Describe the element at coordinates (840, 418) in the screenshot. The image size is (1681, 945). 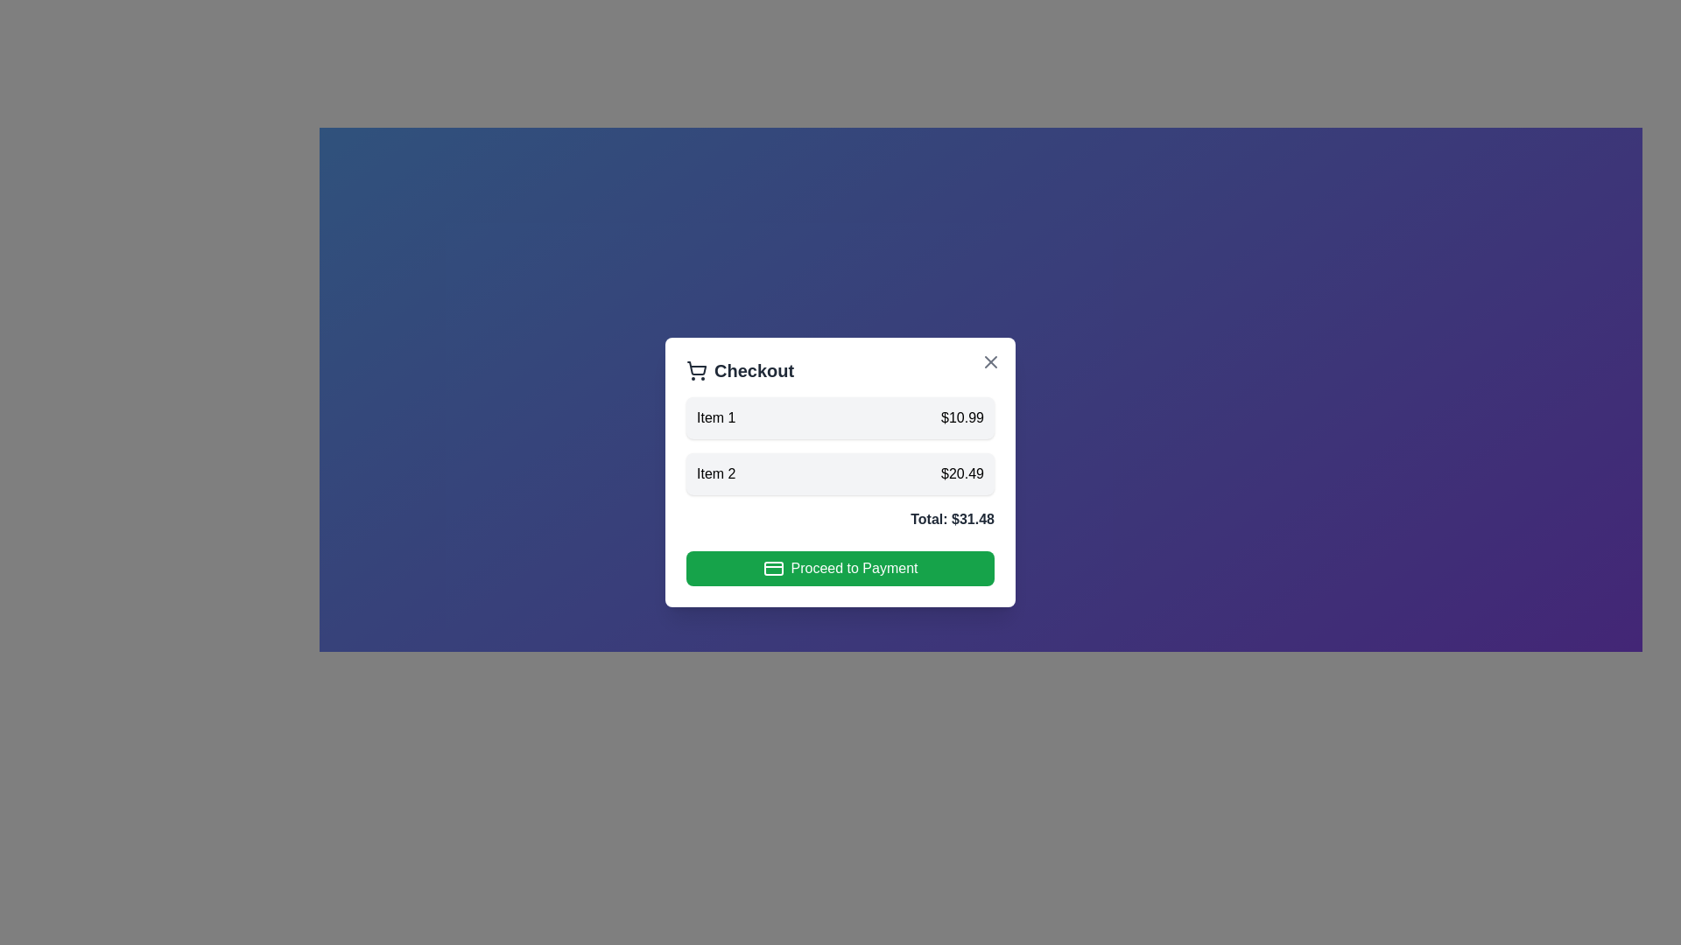
I see `the static content display section containing 'Item 1' and '$10.99', which is the first element in a vertically-aligned list` at that location.